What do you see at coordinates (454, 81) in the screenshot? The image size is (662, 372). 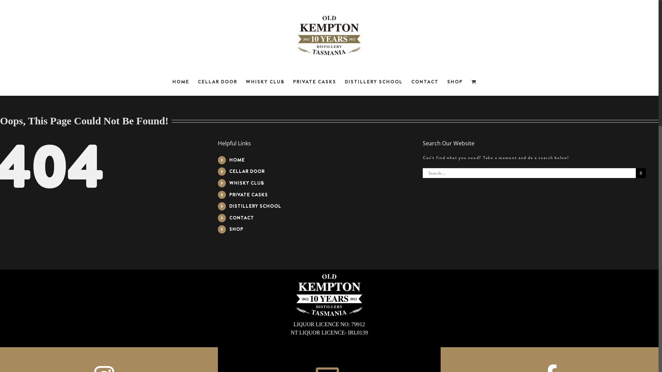 I see `'SHOP'` at bounding box center [454, 81].